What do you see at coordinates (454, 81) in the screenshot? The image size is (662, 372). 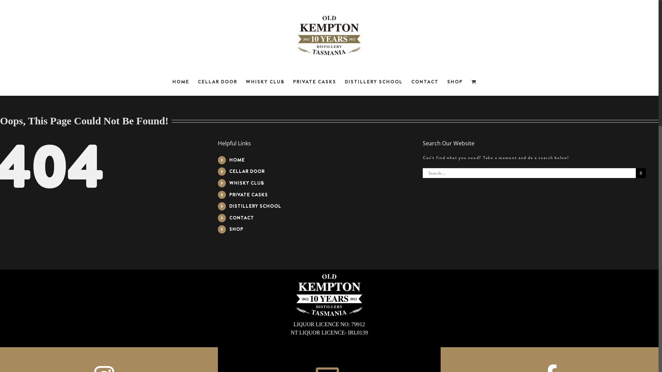 I see `'SHOP'` at bounding box center [454, 81].